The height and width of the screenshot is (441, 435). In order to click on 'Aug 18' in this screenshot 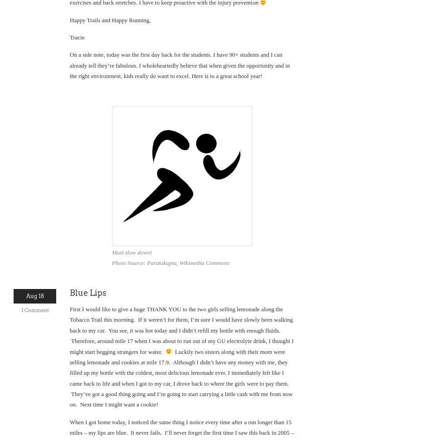, I will do `click(34, 295)`.